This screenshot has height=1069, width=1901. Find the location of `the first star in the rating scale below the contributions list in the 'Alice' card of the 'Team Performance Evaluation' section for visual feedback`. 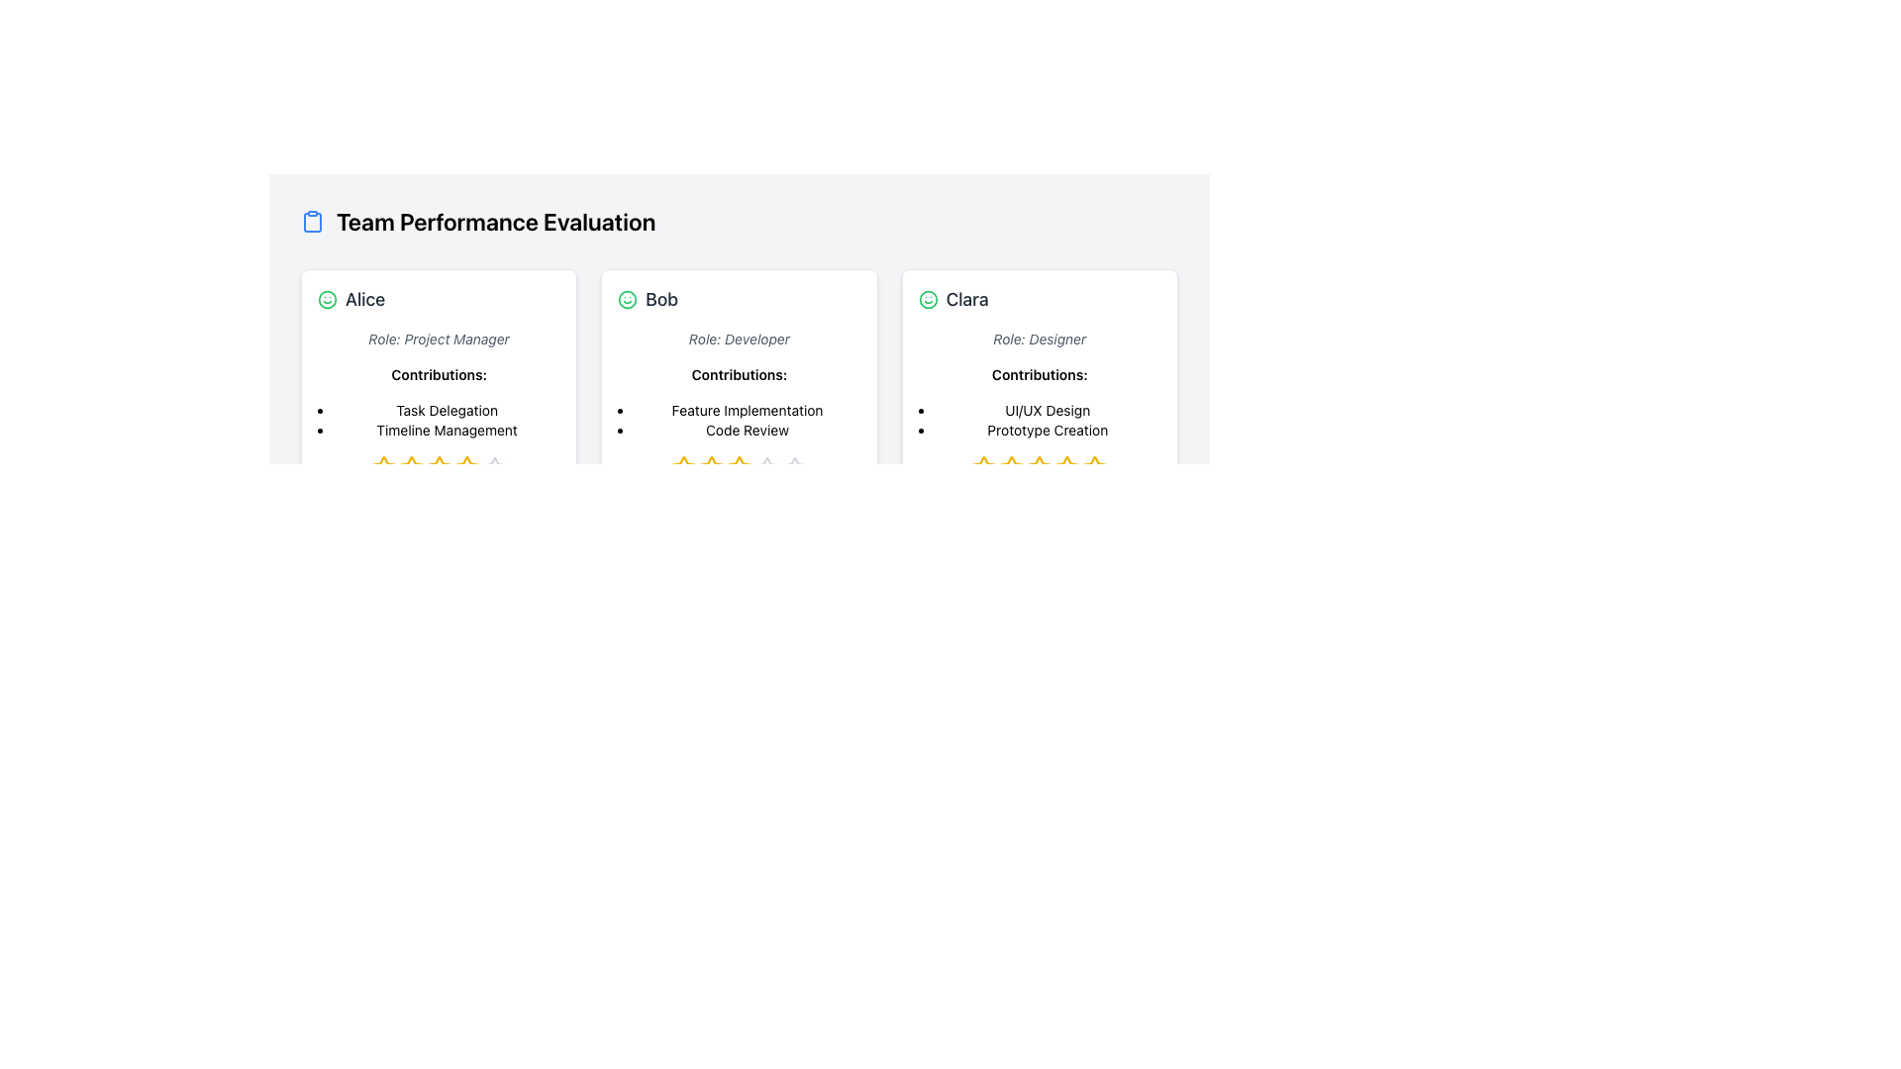

the first star in the rating scale below the contributions list in the 'Alice' card of the 'Team Performance Evaluation' section for visual feedback is located at coordinates (383, 468).